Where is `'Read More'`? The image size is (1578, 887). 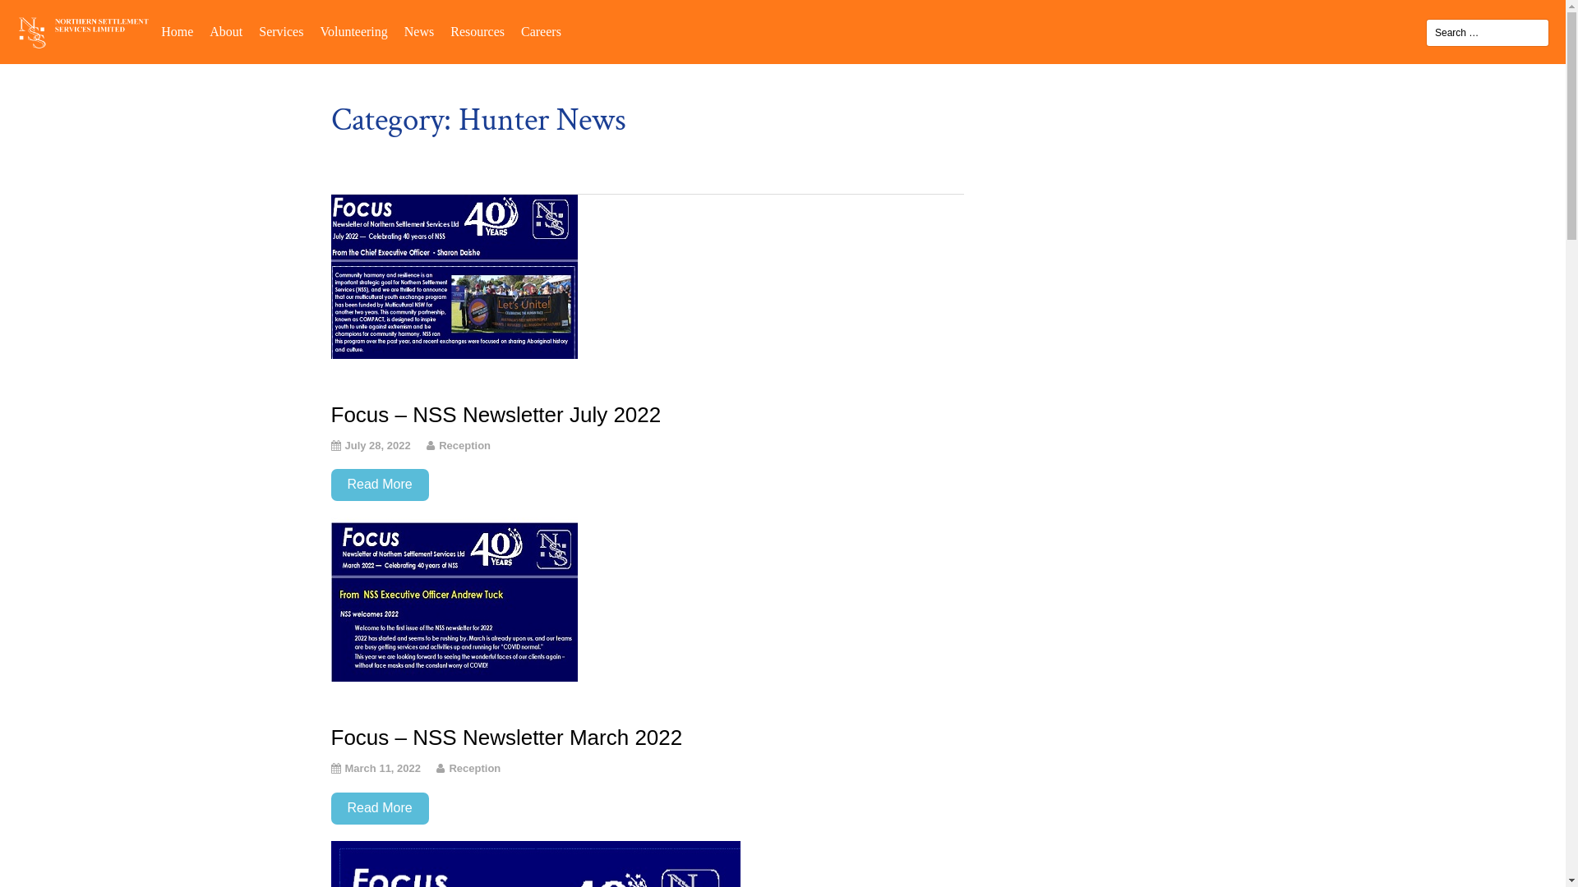
'Read More' is located at coordinates (378, 484).